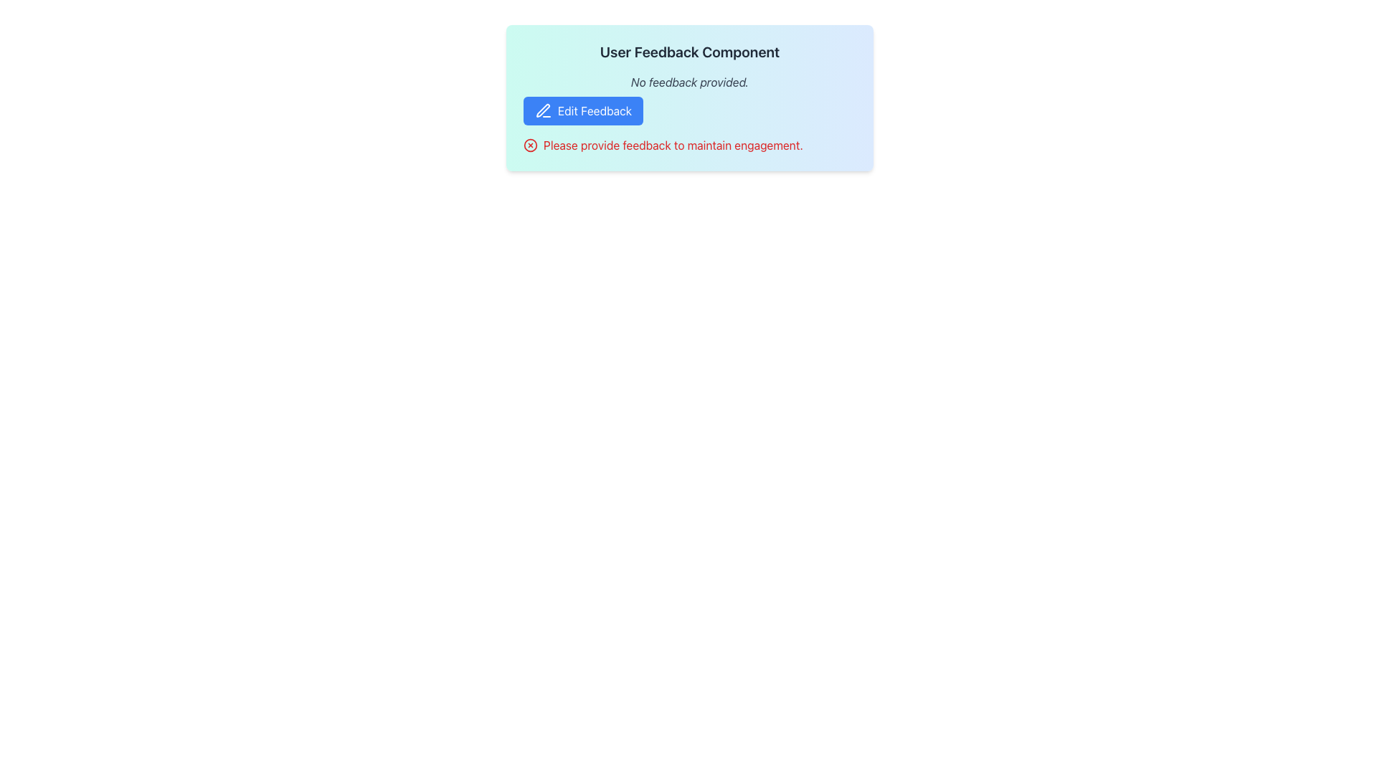 This screenshot has width=1377, height=774. What do you see at coordinates (672, 145) in the screenshot?
I see `the red text element that prompts the user for feedback, located at the bottom of a panel to the right of a circular icon with a cross` at bounding box center [672, 145].